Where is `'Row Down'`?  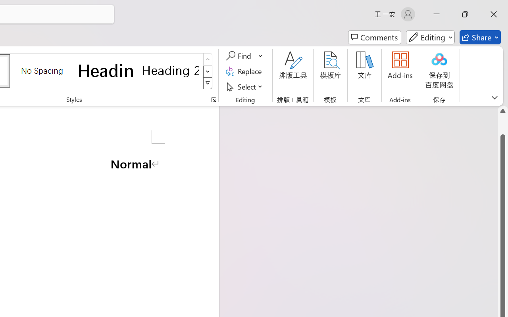 'Row Down' is located at coordinates (208, 71).